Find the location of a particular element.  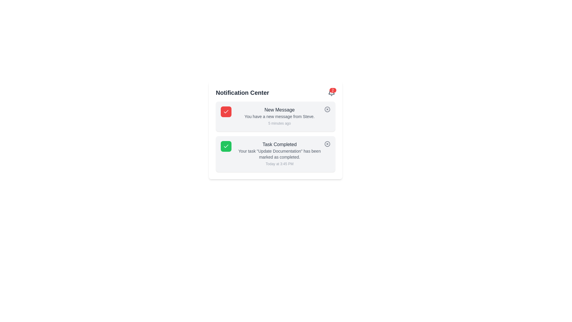

the textual label that reads 'Task Completed', which is prominently displayed in gray color above the task details in the Notification Center interface is located at coordinates (279, 145).